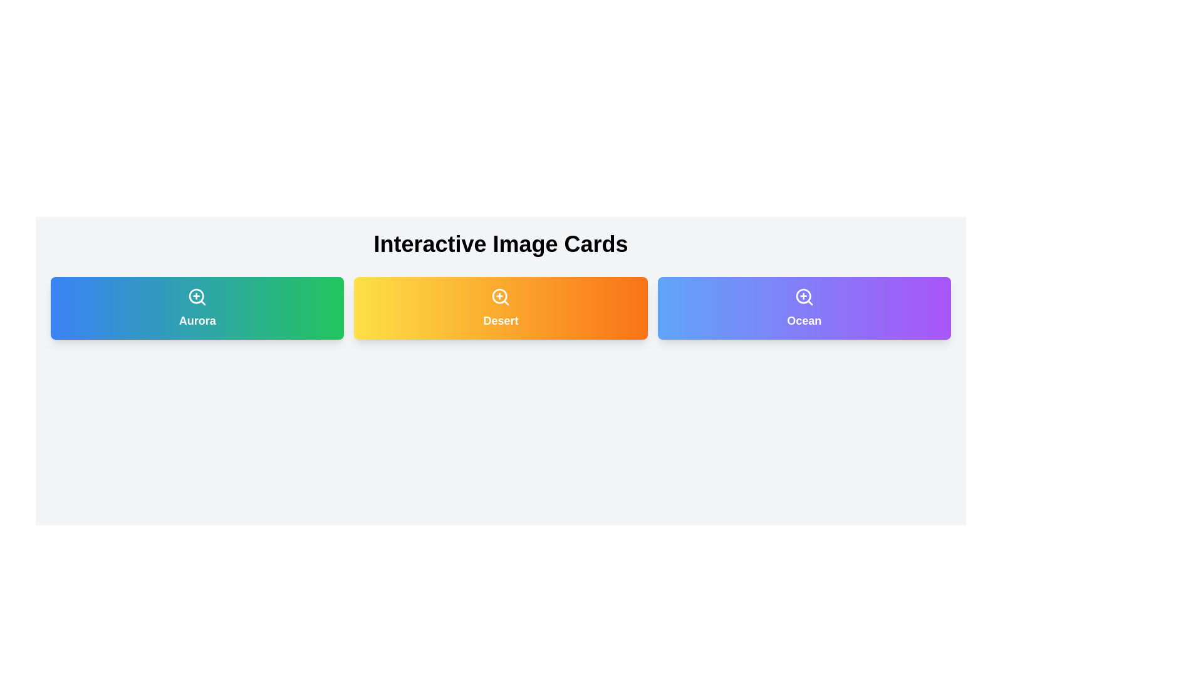 The image size is (1203, 677). I want to click on the blue-to-green gradient card labeled 'Aurora' with a magnifying glass icon and bold white text, which is the first card in a set of three horizontally aligned cards, so click(197, 308).